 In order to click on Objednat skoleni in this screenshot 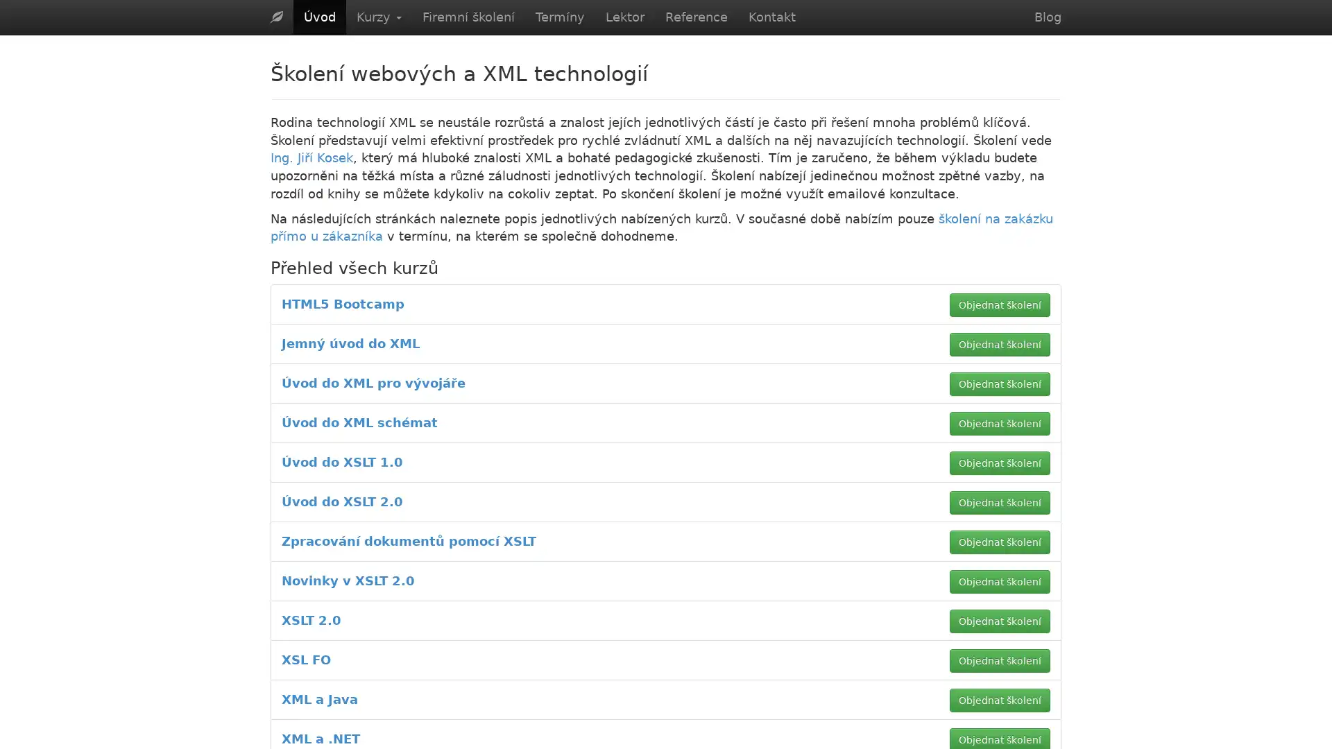, I will do `click(1000, 660)`.